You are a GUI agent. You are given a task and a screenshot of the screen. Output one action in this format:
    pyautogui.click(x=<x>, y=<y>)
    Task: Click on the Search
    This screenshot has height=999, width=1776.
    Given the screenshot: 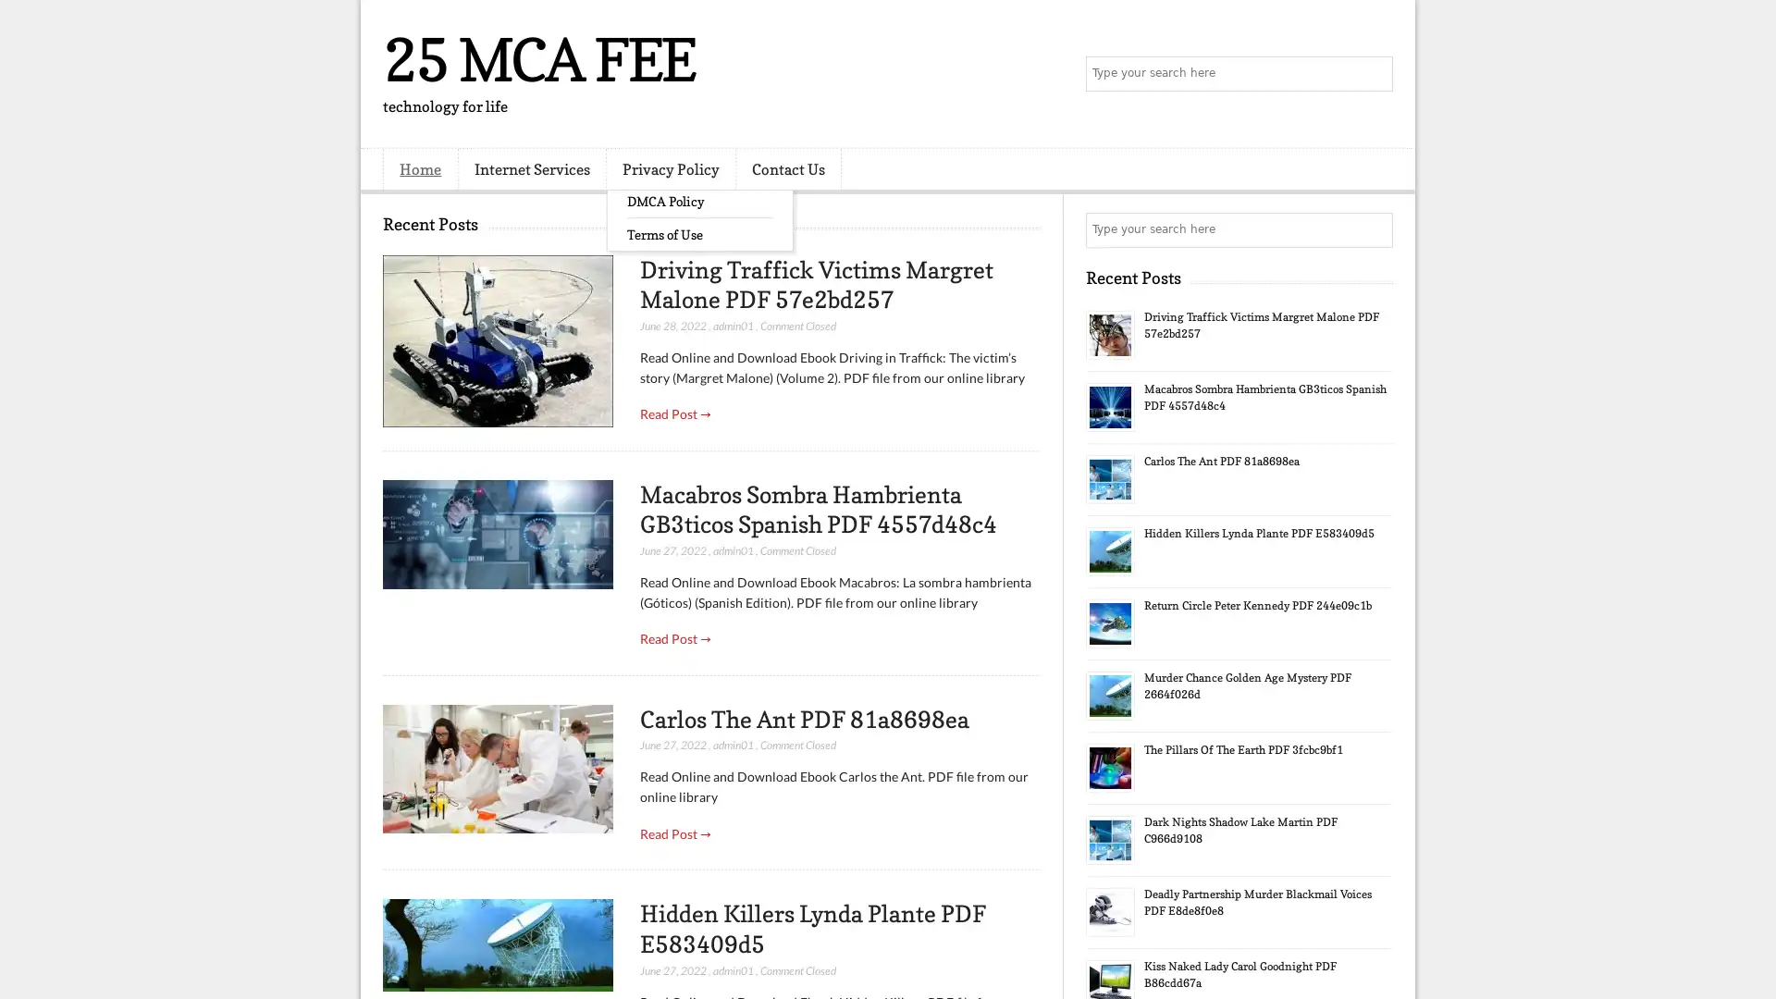 What is the action you would take?
    pyautogui.click(x=1374, y=229)
    